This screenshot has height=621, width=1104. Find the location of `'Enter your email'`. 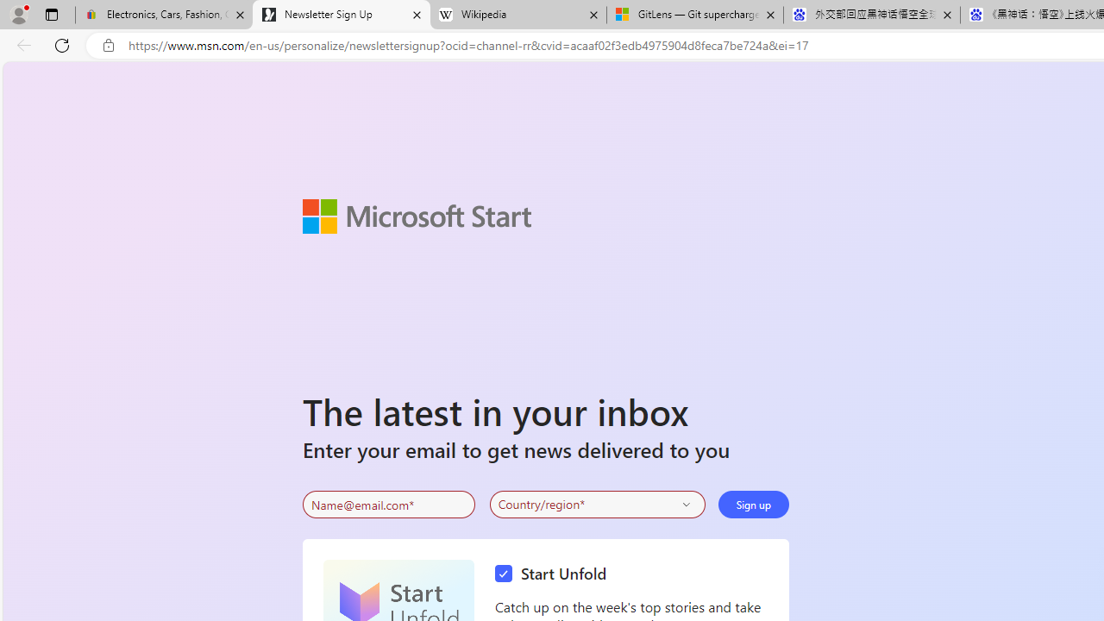

'Enter your email' is located at coordinates (387, 505).